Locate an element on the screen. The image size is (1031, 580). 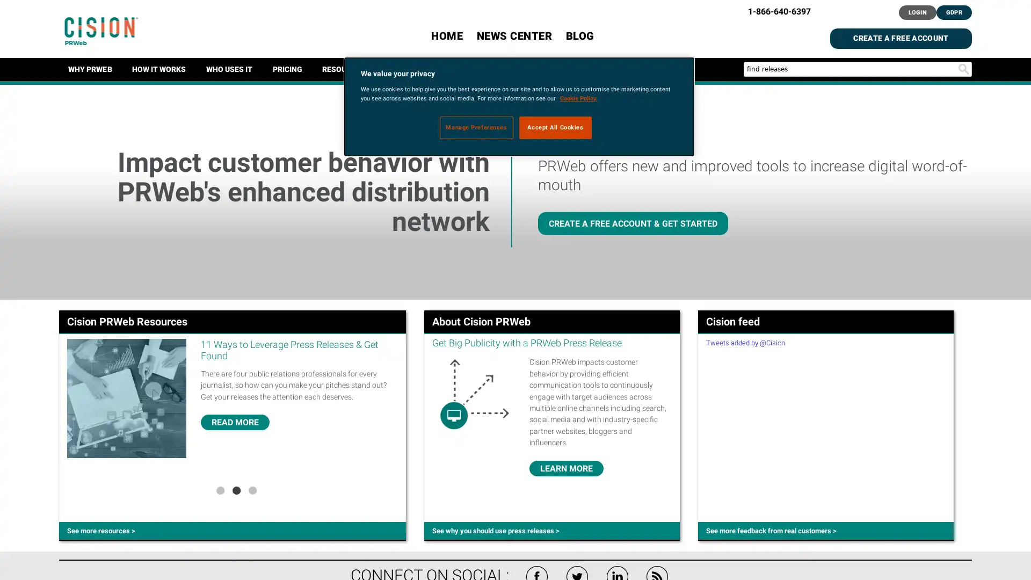
Accept All Cookies is located at coordinates (555, 126).